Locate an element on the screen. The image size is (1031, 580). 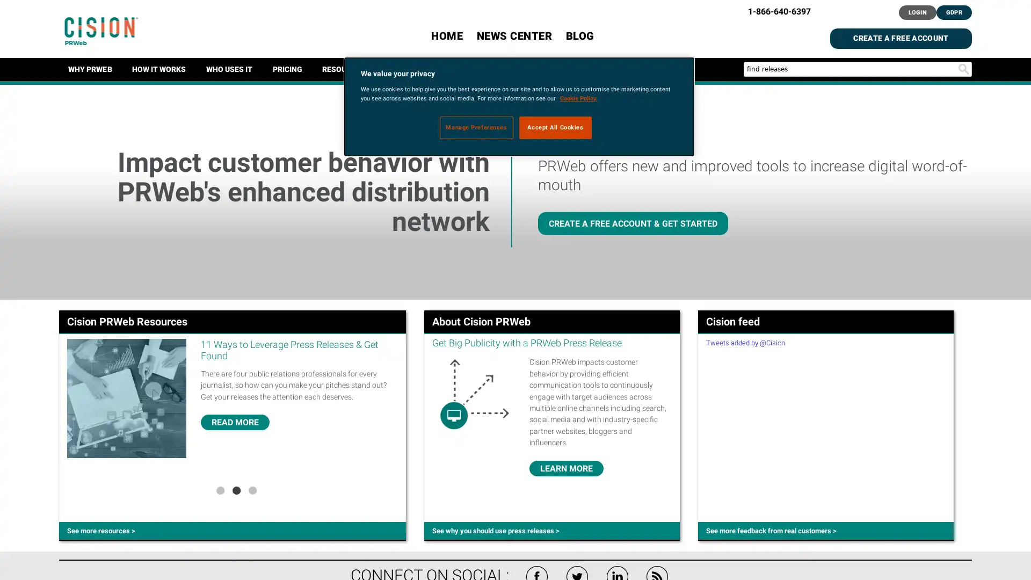
Accept All Cookies is located at coordinates (555, 126).